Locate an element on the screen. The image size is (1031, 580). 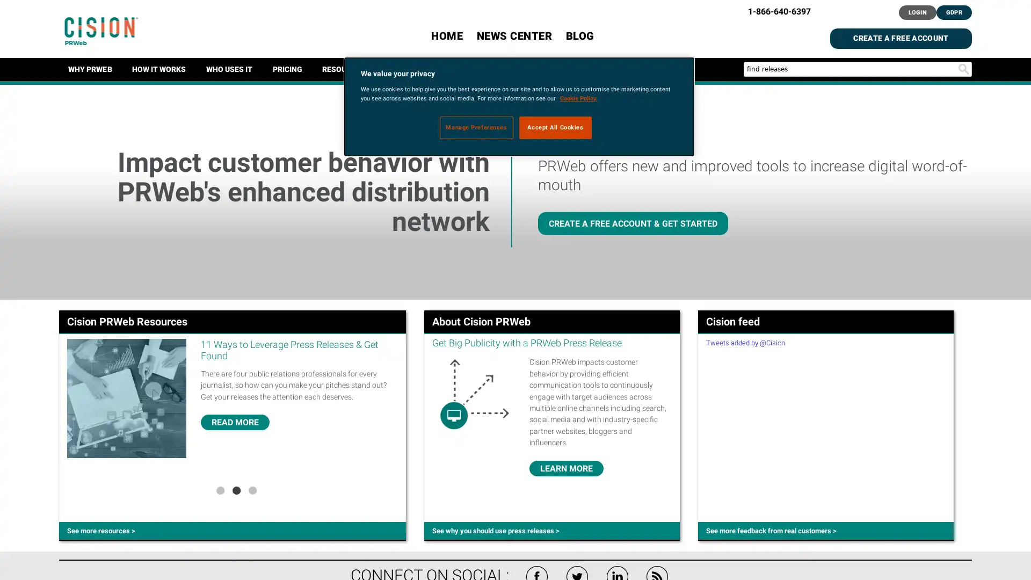
Accept All Cookies is located at coordinates (555, 126).